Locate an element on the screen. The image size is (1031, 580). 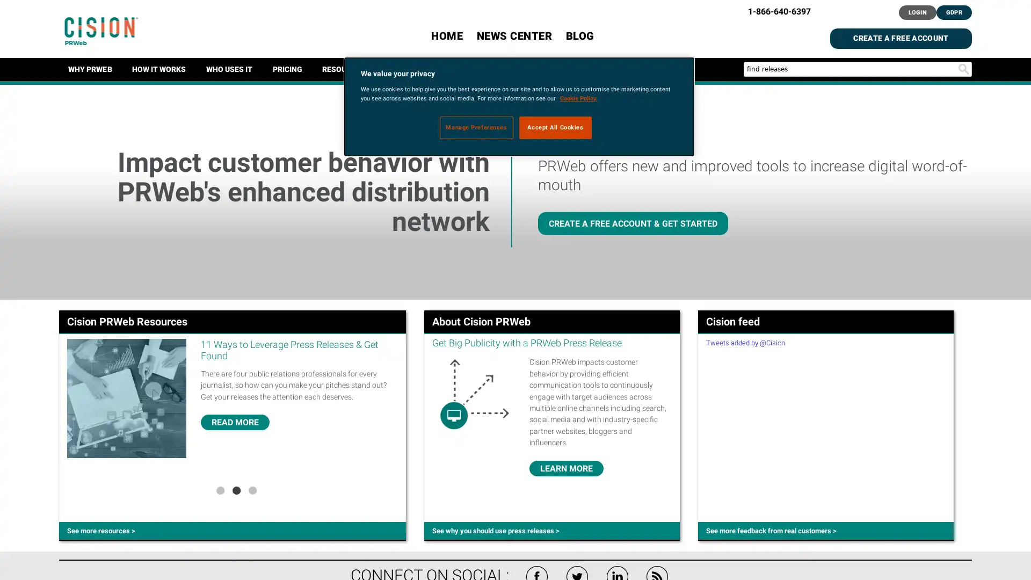
Accept All Cookies is located at coordinates (555, 126).